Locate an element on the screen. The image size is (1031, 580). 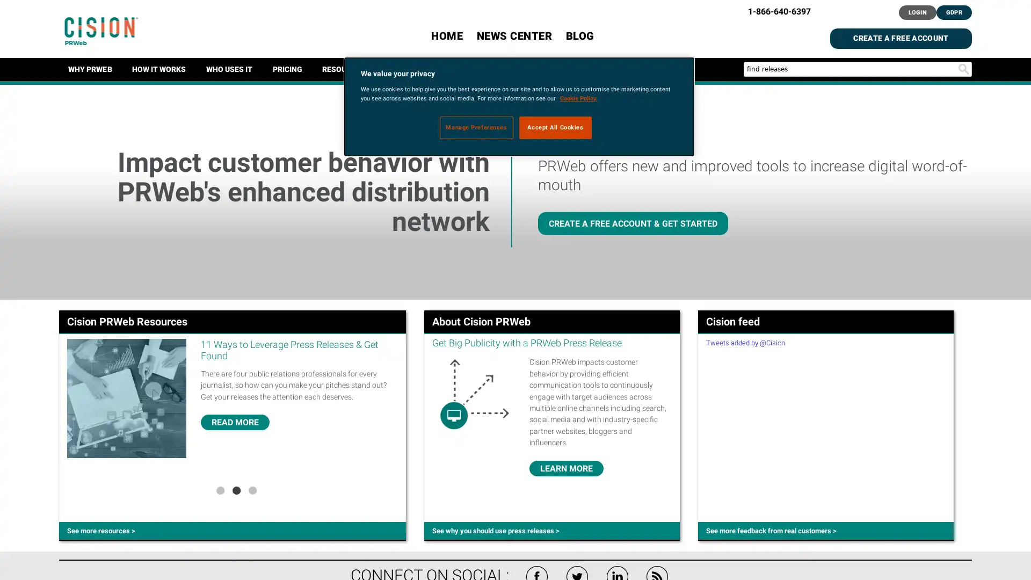
Accept All Cookies is located at coordinates (555, 126).